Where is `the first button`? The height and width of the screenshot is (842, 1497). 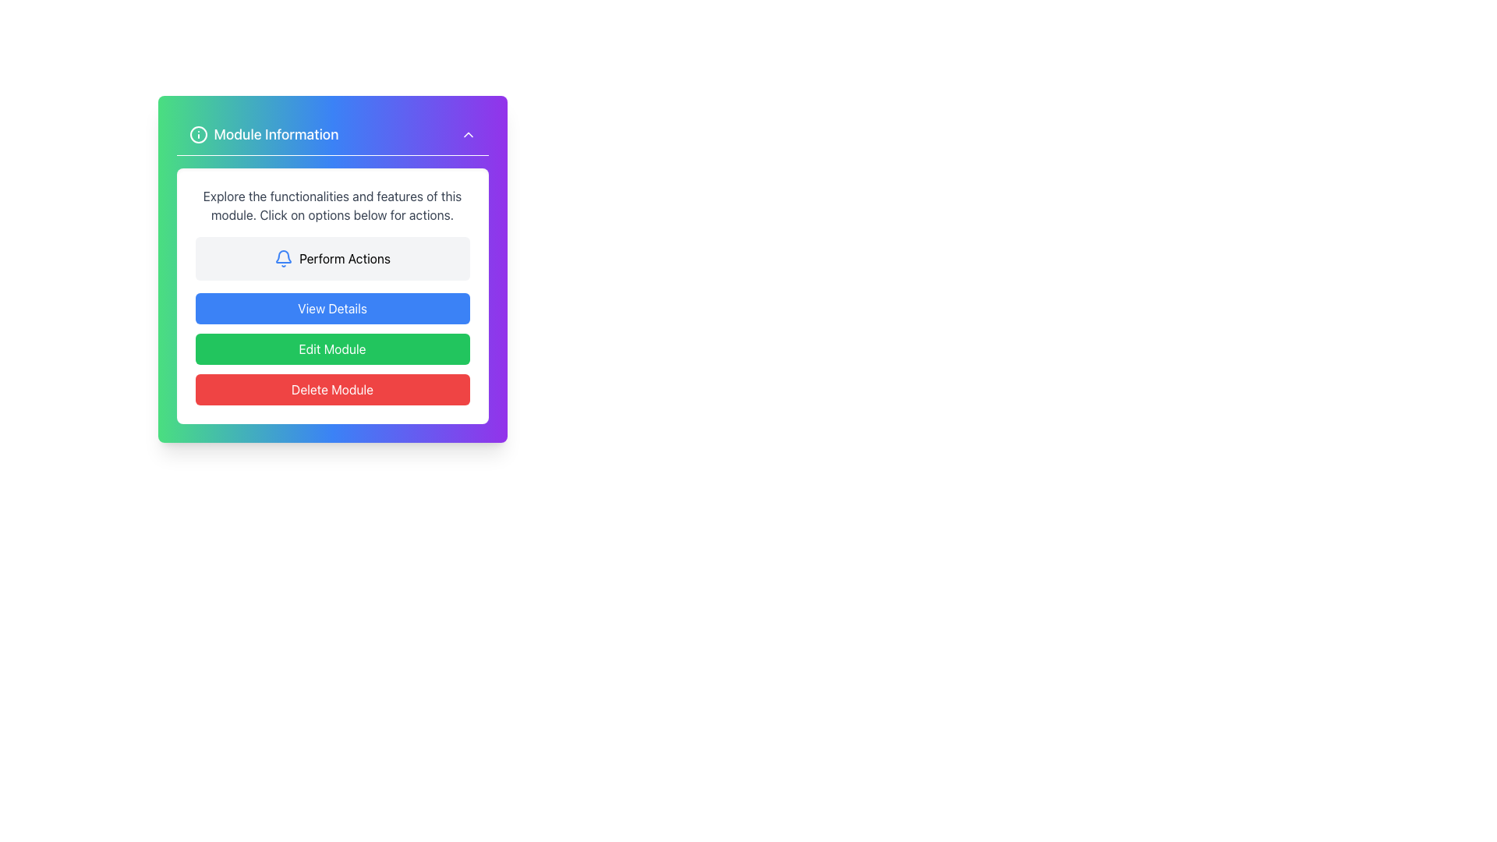
the first button is located at coordinates (331, 268).